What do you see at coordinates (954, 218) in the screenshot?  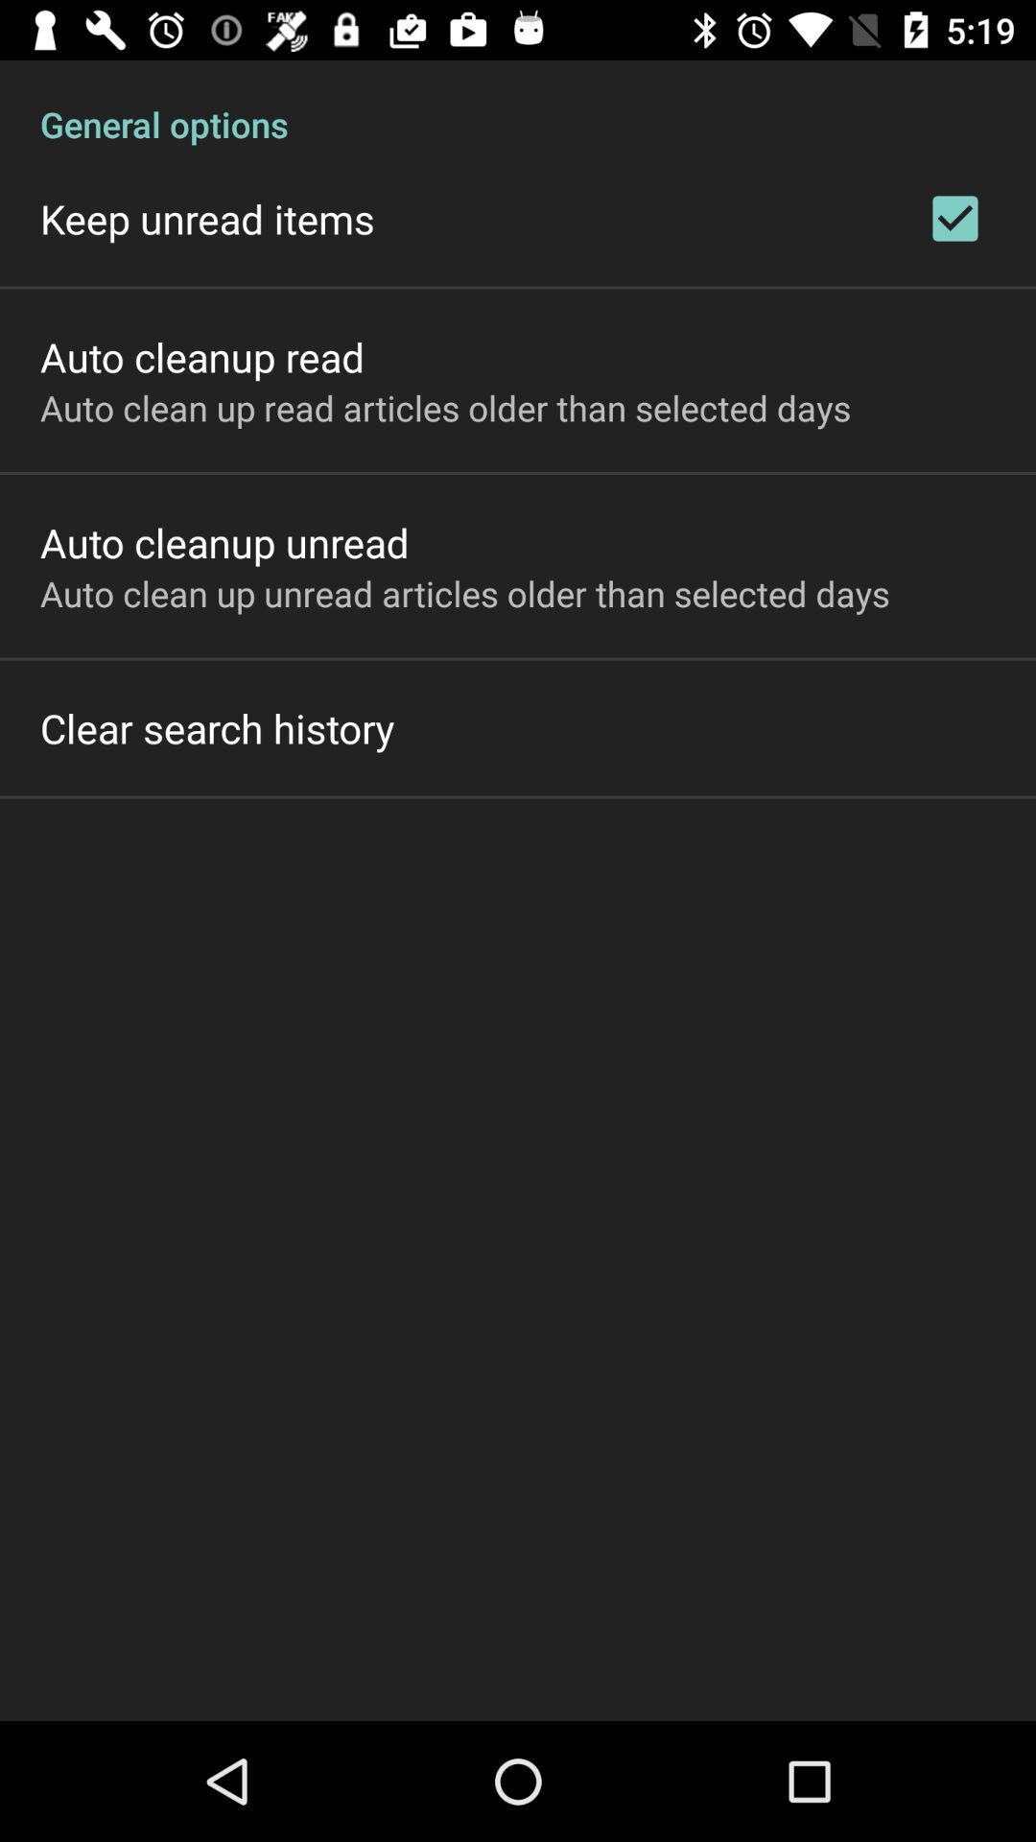 I see `item next to the keep unread items icon` at bounding box center [954, 218].